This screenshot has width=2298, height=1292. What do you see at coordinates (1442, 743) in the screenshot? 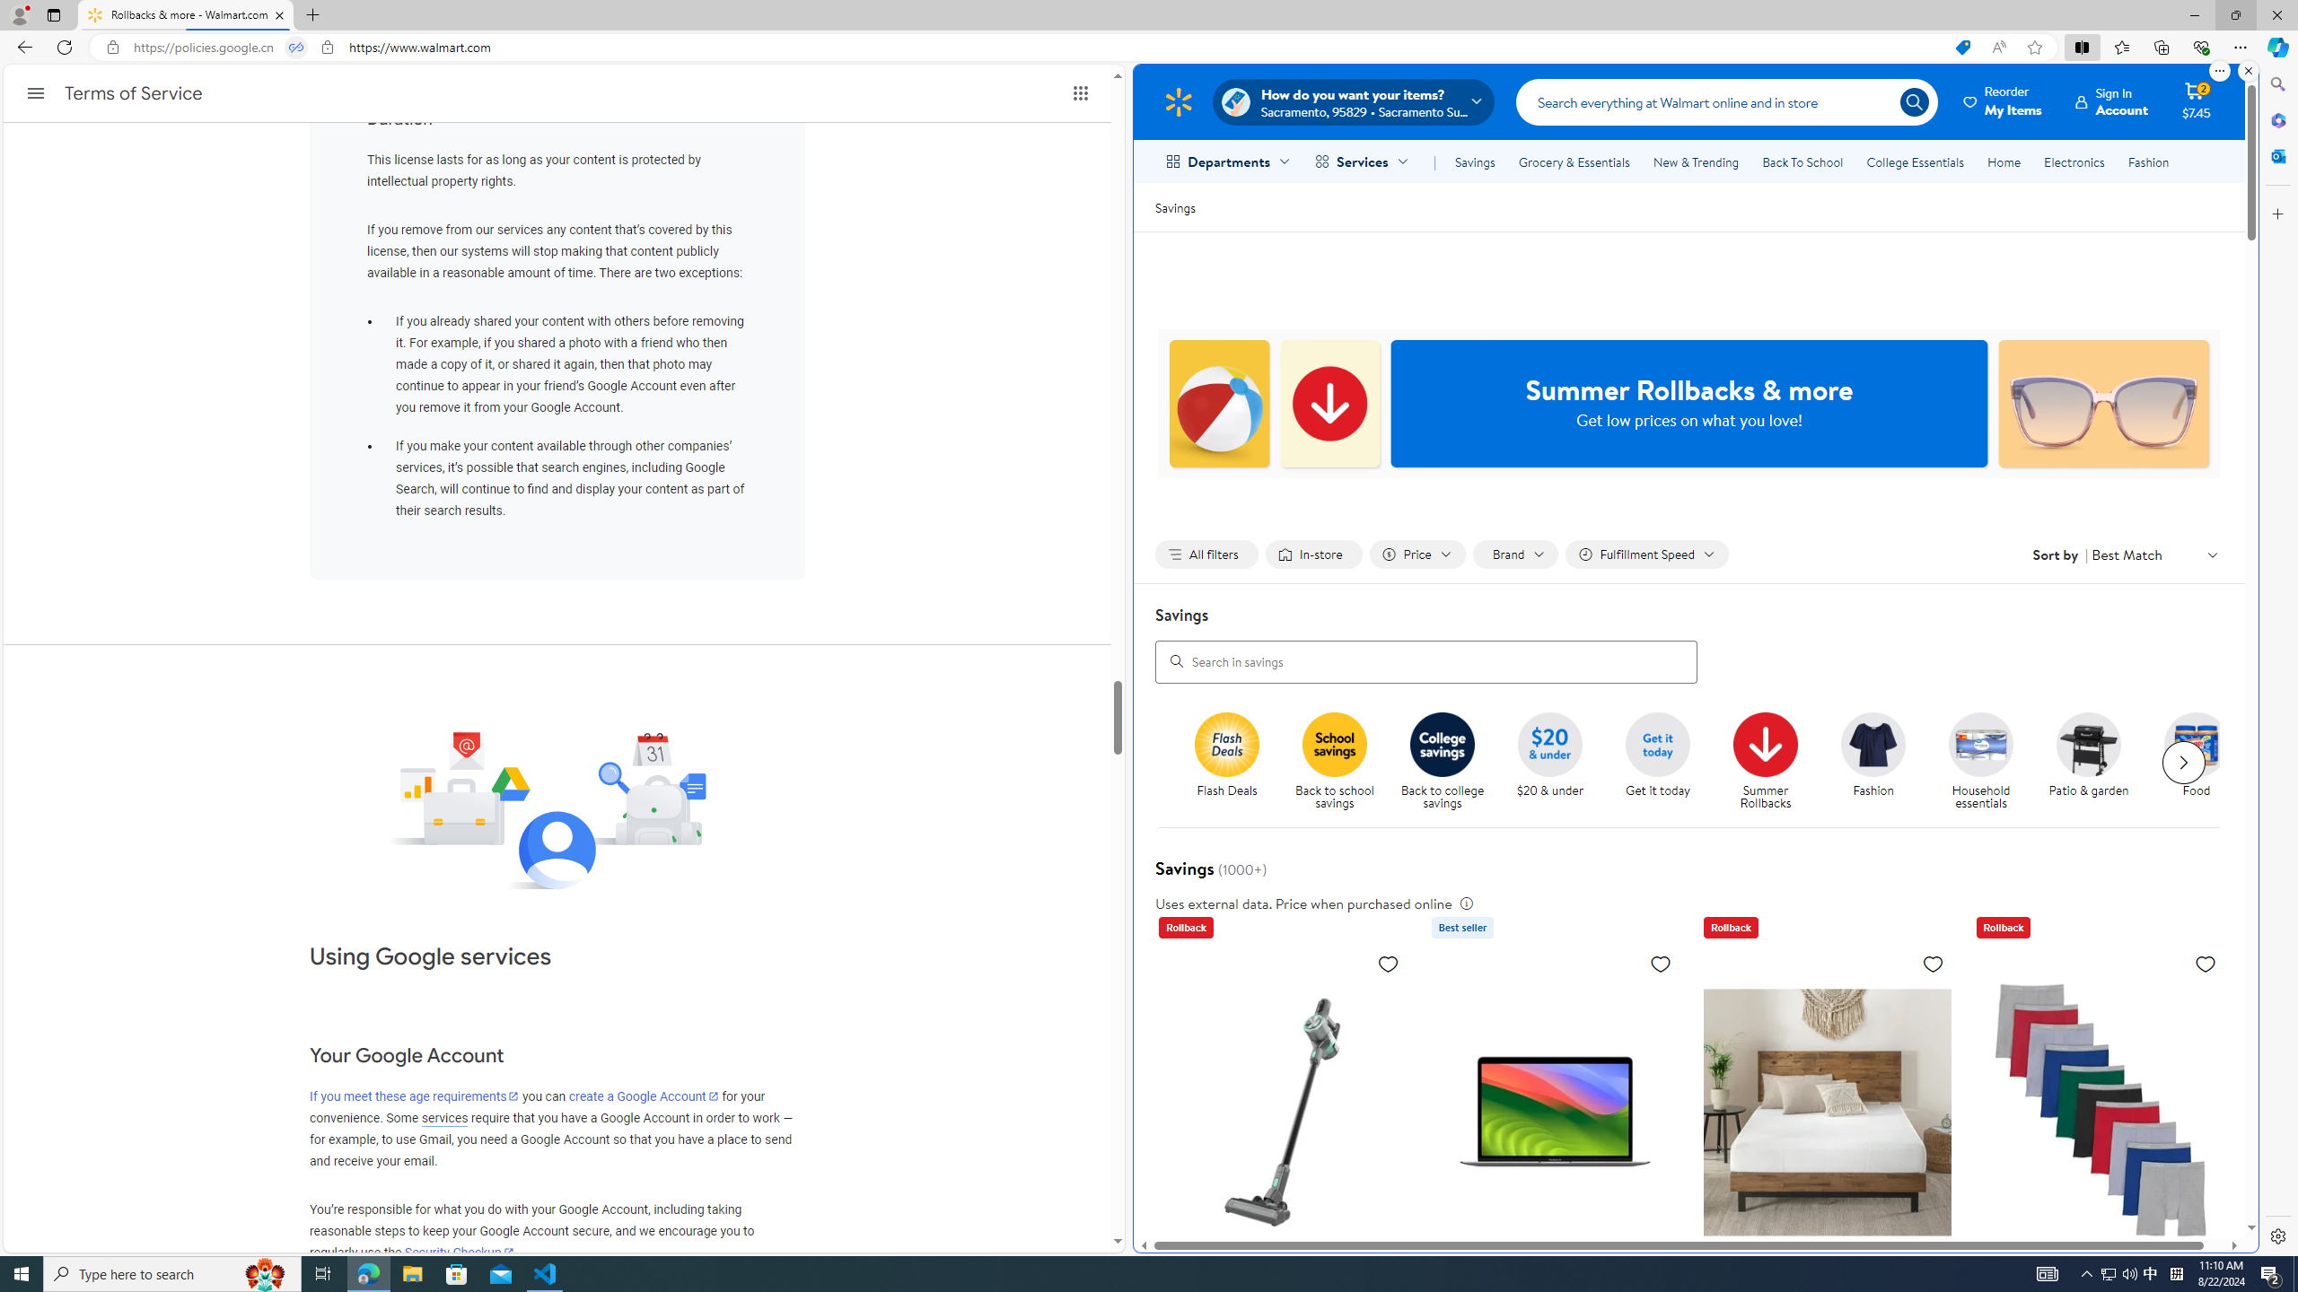
I see `'Back to College savings'` at bounding box center [1442, 743].